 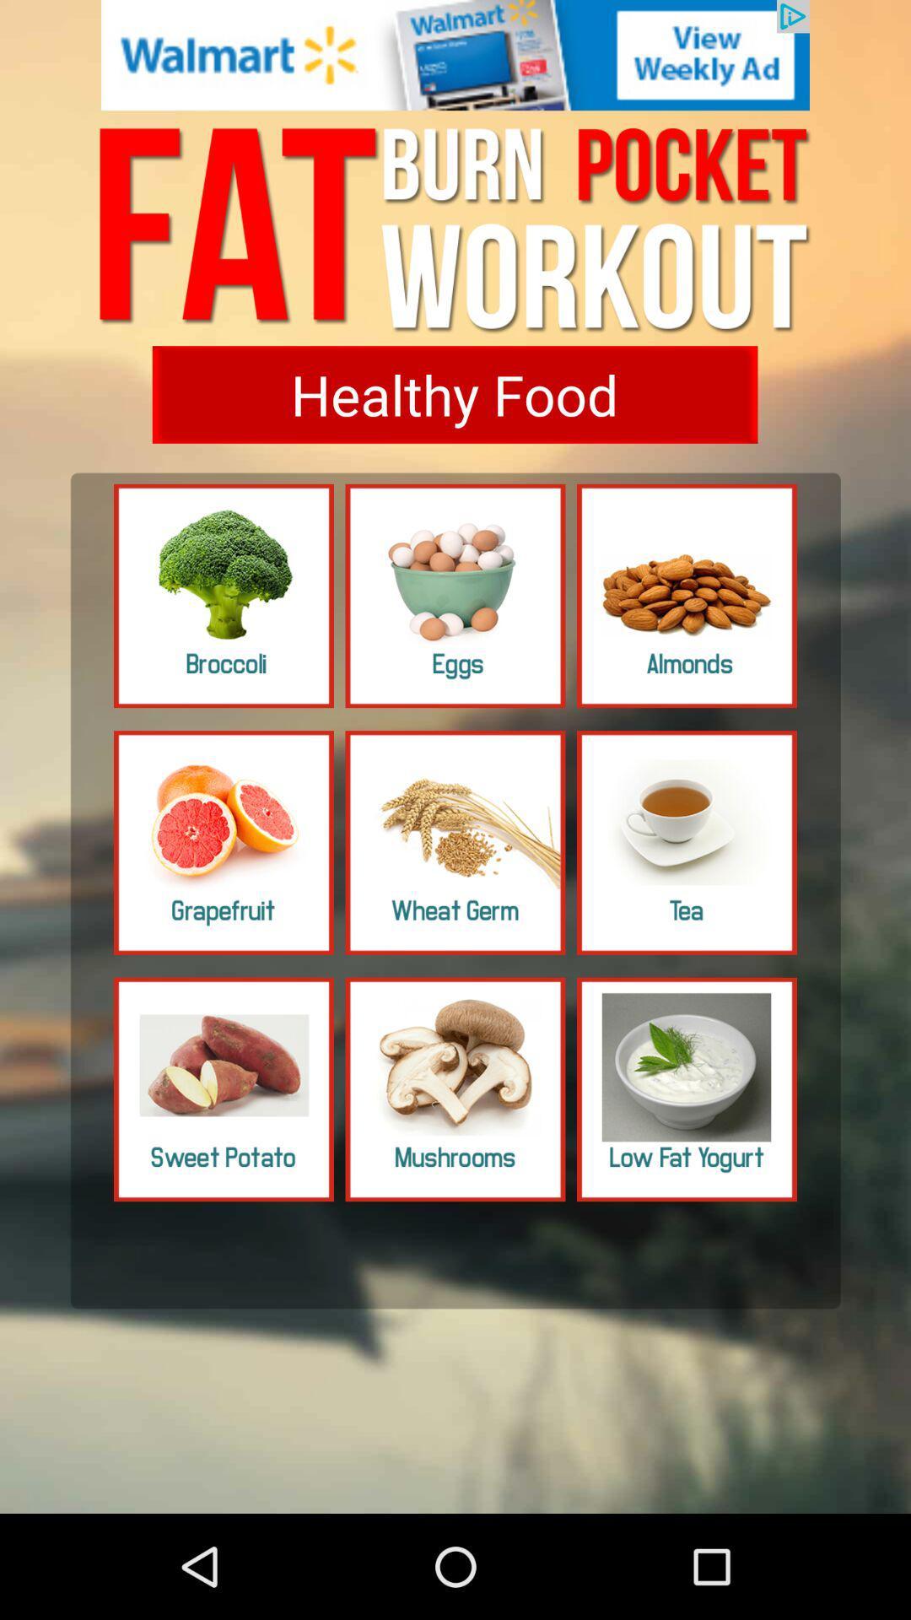 What do you see at coordinates (455, 596) in the screenshot?
I see `eggs image` at bounding box center [455, 596].